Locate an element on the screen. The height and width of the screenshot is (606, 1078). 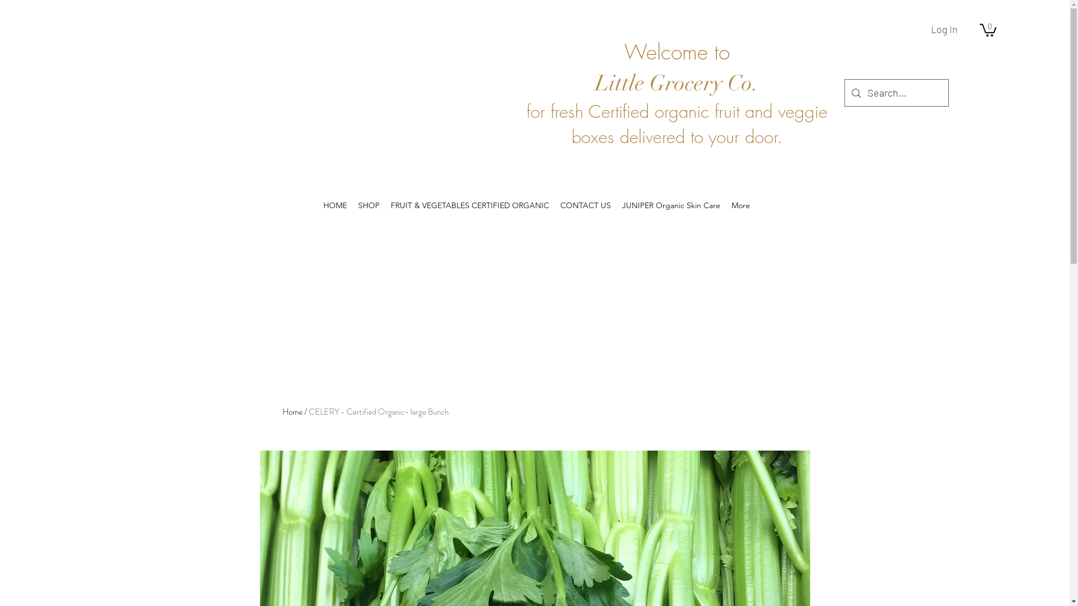
'Log In' is located at coordinates (943, 29).